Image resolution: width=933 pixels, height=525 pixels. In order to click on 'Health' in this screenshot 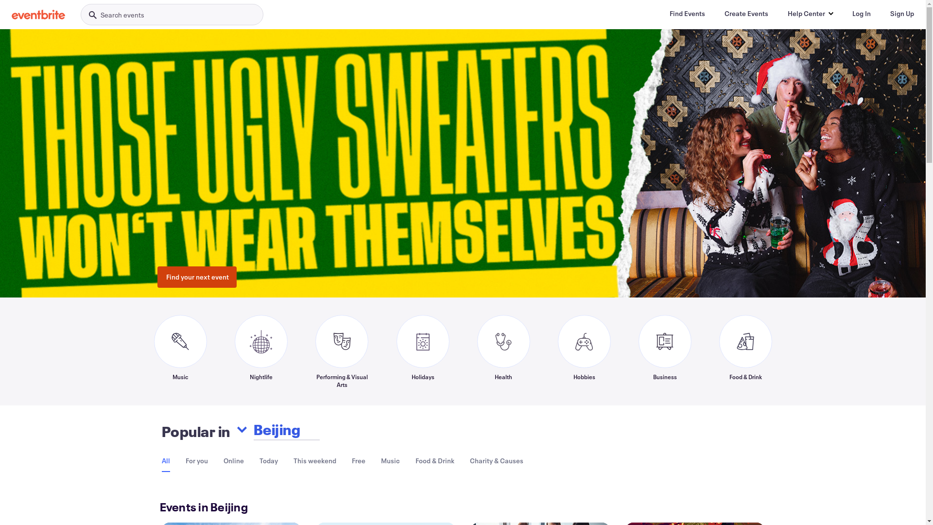, I will do `click(503, 351)`.